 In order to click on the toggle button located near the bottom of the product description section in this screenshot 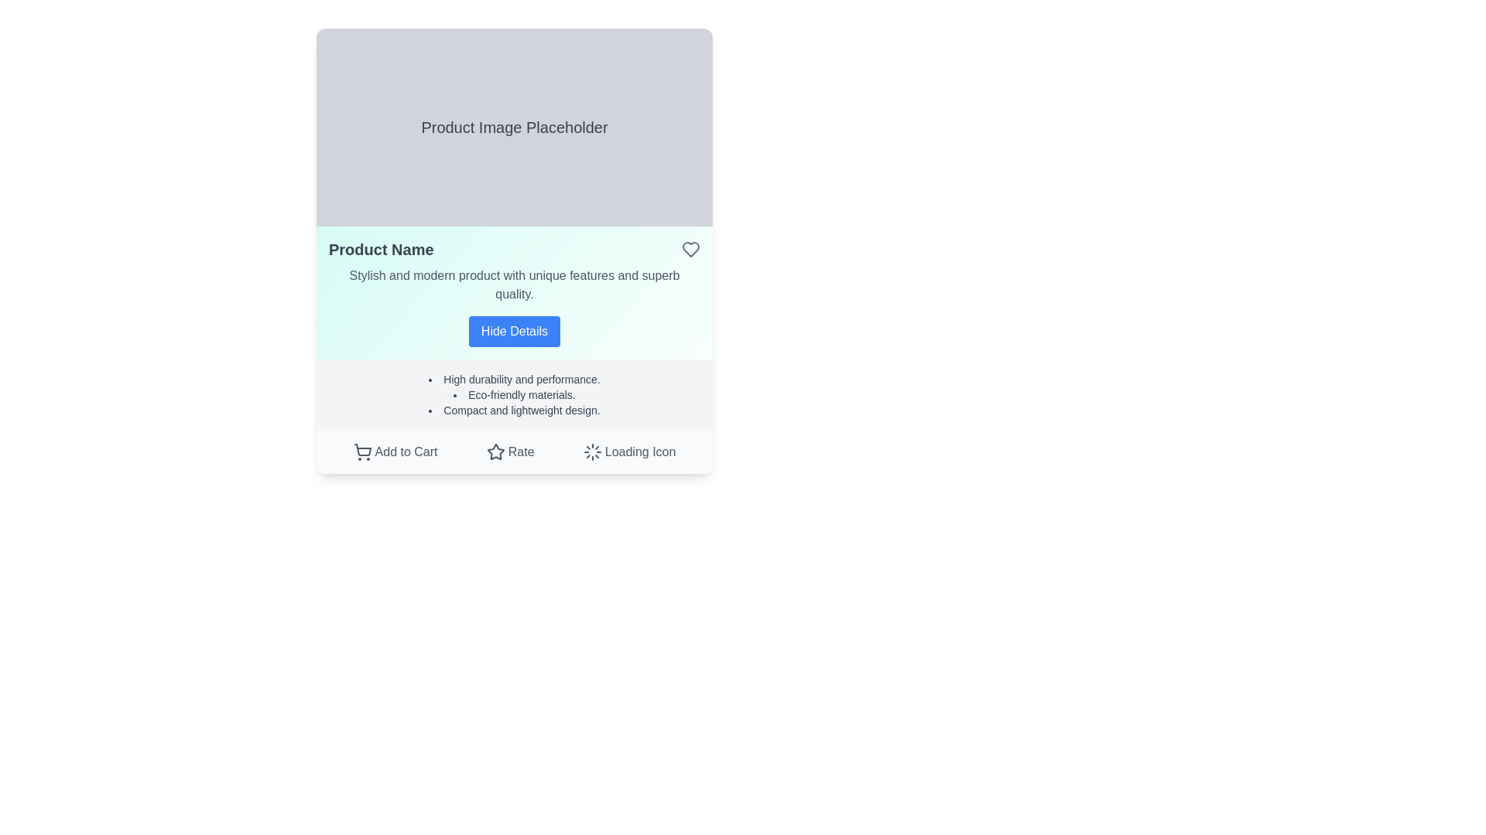, I will do `click(515, 330)`.